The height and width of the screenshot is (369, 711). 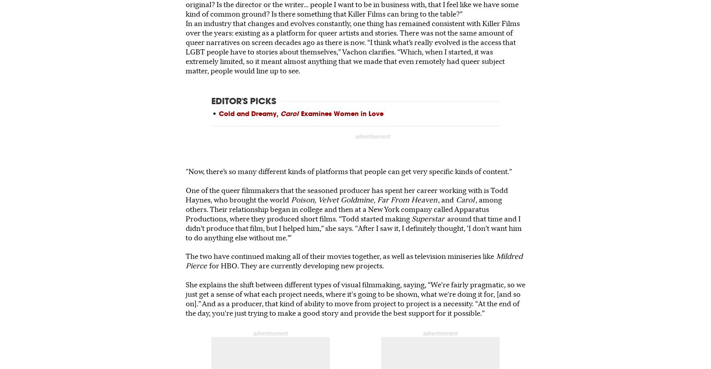 I want to click on 'The two have continued making all of their movies together, as well as television miniseries like', so click(x=340, y=256).